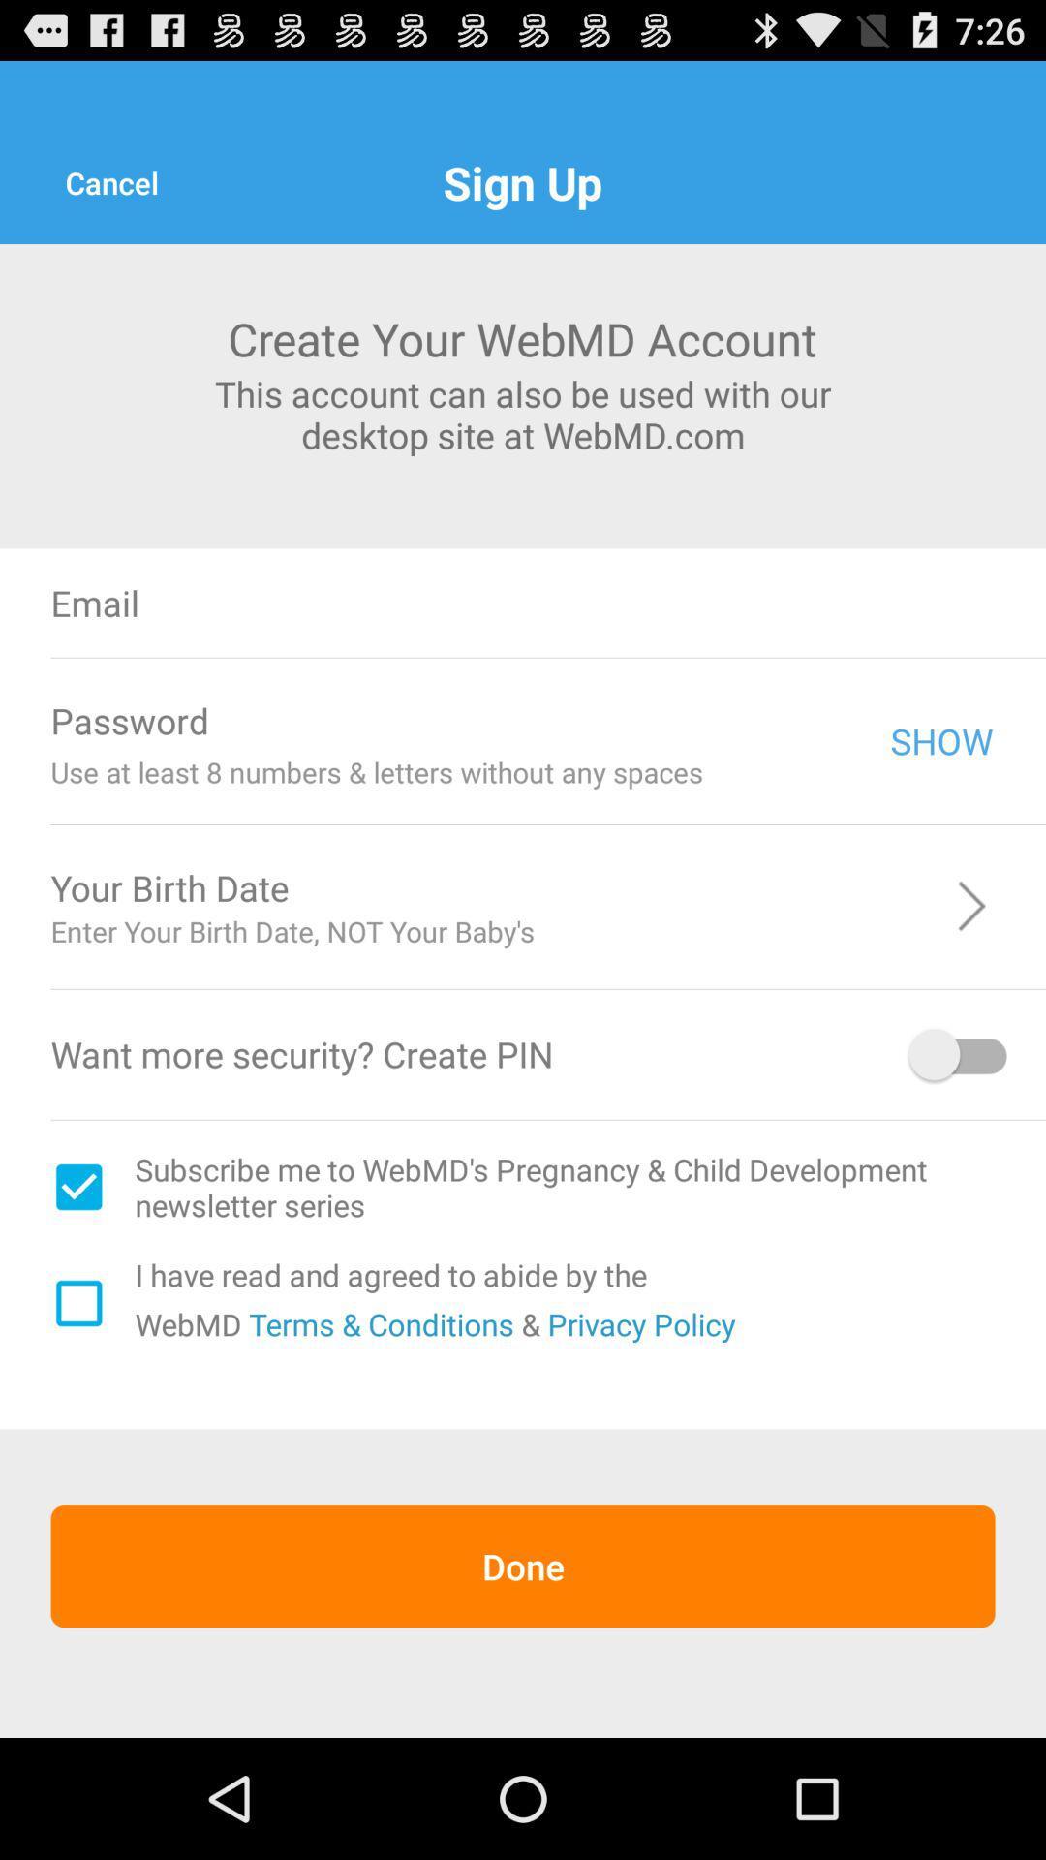  I want to click on the icon below the i have read item, so click(378, 1322).